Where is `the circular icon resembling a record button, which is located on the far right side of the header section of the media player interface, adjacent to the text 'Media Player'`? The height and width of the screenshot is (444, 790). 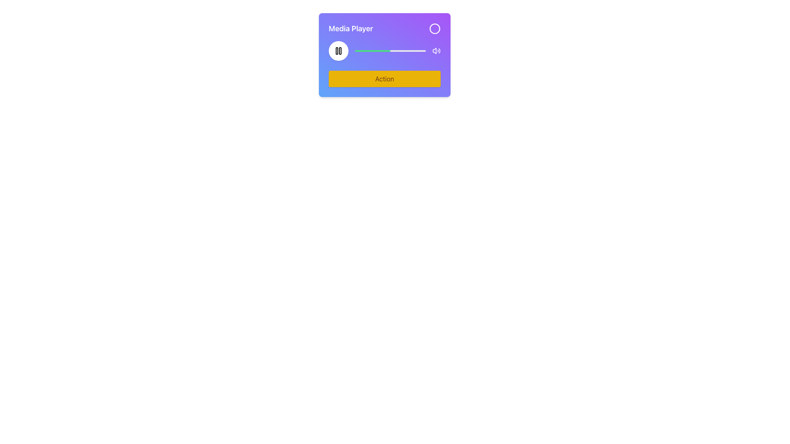
the circular icon resembling a record button, which is located on the far right side of the header section of the media player interface, adjacent to the text 'Media Player' is located at coordinates (434, 28).